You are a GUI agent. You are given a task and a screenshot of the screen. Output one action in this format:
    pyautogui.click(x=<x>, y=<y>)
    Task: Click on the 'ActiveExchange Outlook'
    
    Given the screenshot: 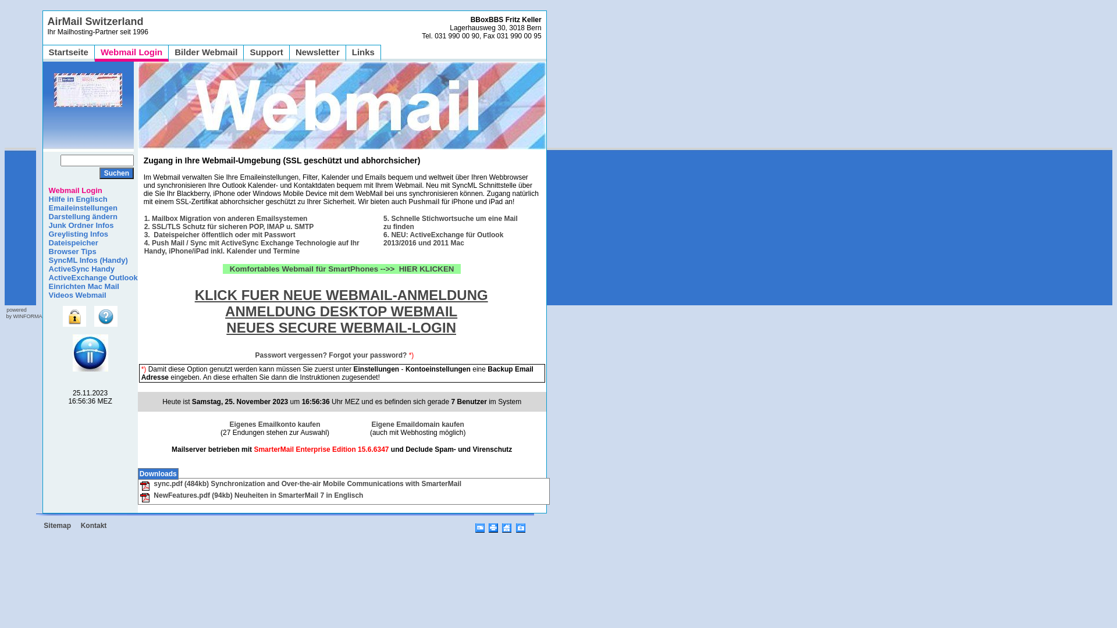 What is the action you would take?
    pyautogui.click(x=90, y=277)
    